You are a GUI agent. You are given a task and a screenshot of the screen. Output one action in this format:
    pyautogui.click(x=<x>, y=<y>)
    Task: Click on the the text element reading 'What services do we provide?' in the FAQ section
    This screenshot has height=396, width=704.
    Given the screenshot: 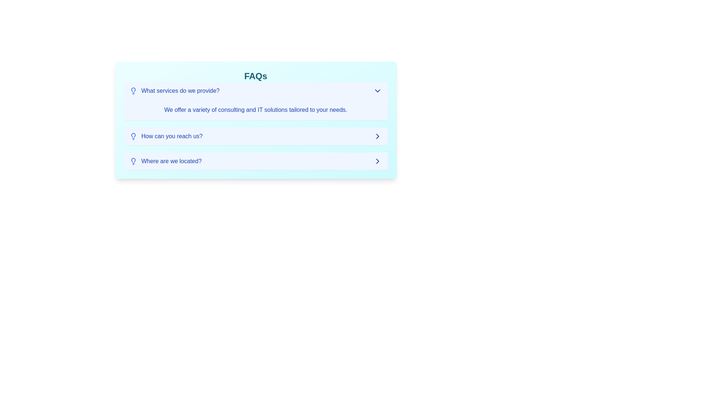 What is the action you would take?
    pyautogui.click(x=174, y=90)
    